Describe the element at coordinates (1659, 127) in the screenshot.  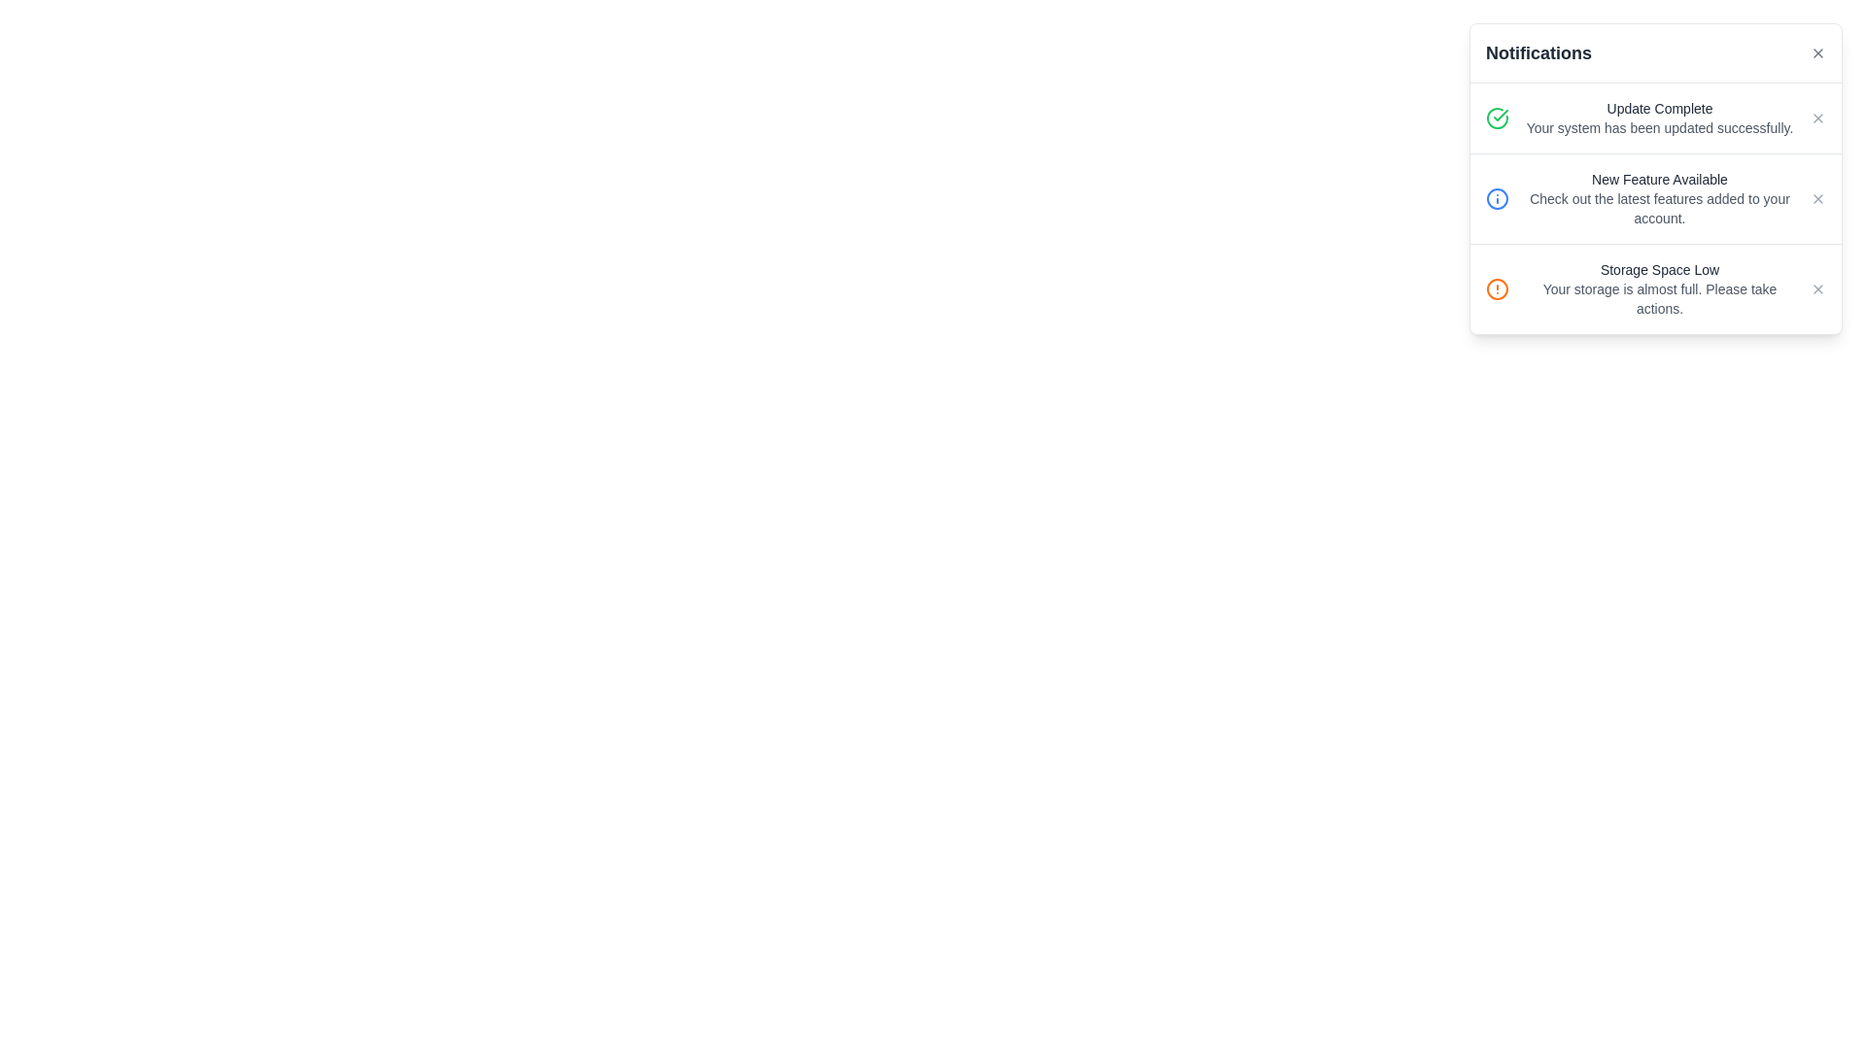
I see `message 'Your system has been updated successfully' located in the Notifications section below the subheading 'Update Complete'` at that location.